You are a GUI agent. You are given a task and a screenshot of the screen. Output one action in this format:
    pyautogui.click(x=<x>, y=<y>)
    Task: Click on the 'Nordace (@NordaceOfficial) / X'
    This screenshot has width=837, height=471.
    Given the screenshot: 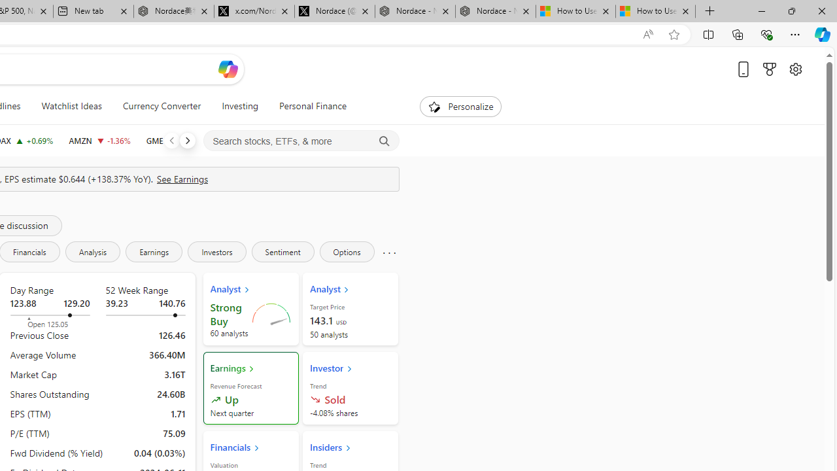 What is the action you would take?
    pyautogui.click(x=335, y=11)
    